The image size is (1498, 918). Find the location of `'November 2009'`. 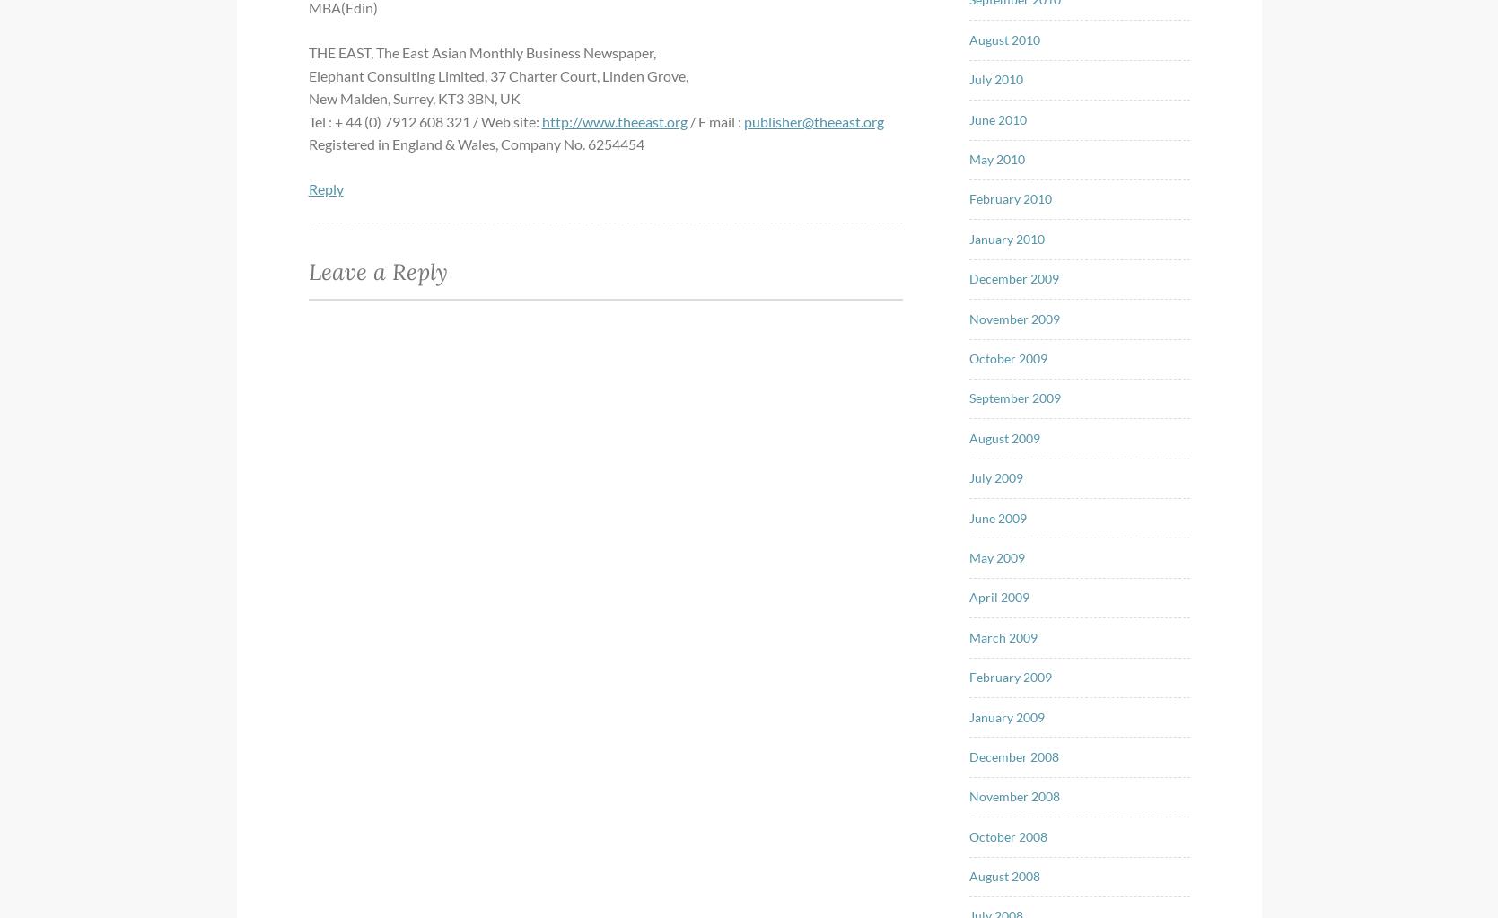

'November 2009' is located at coordinates (1014, 318).